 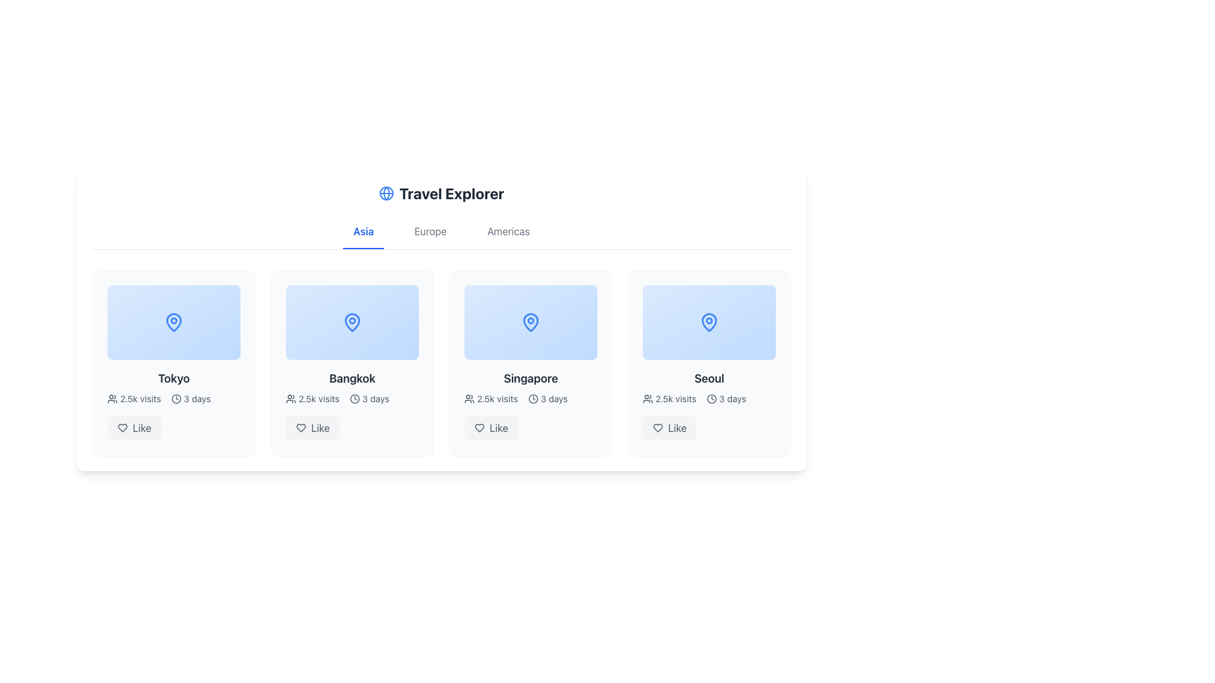 What do you see at coordinates (300, 428) in the screenshot?
I see `the heart icon located below the 'Bangkok' destination card` at bounding box center [300, 428].